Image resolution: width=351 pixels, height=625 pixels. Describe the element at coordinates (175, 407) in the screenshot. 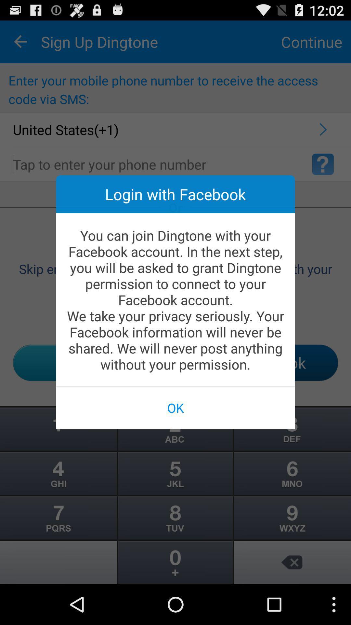

I see `the item below the you can join icon` at that location.